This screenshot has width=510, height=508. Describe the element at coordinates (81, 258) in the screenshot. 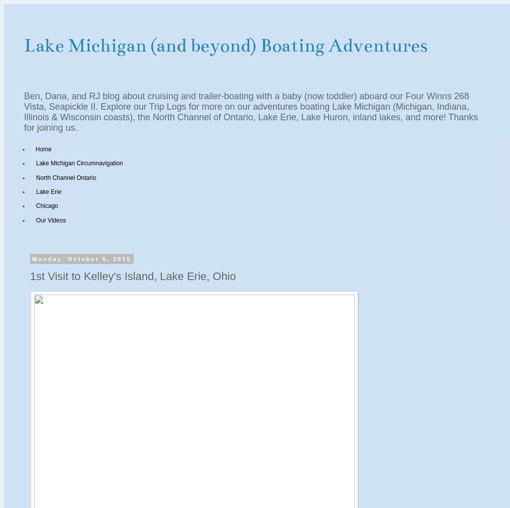

I see `'Monday, October 5, 2015'` at that location.